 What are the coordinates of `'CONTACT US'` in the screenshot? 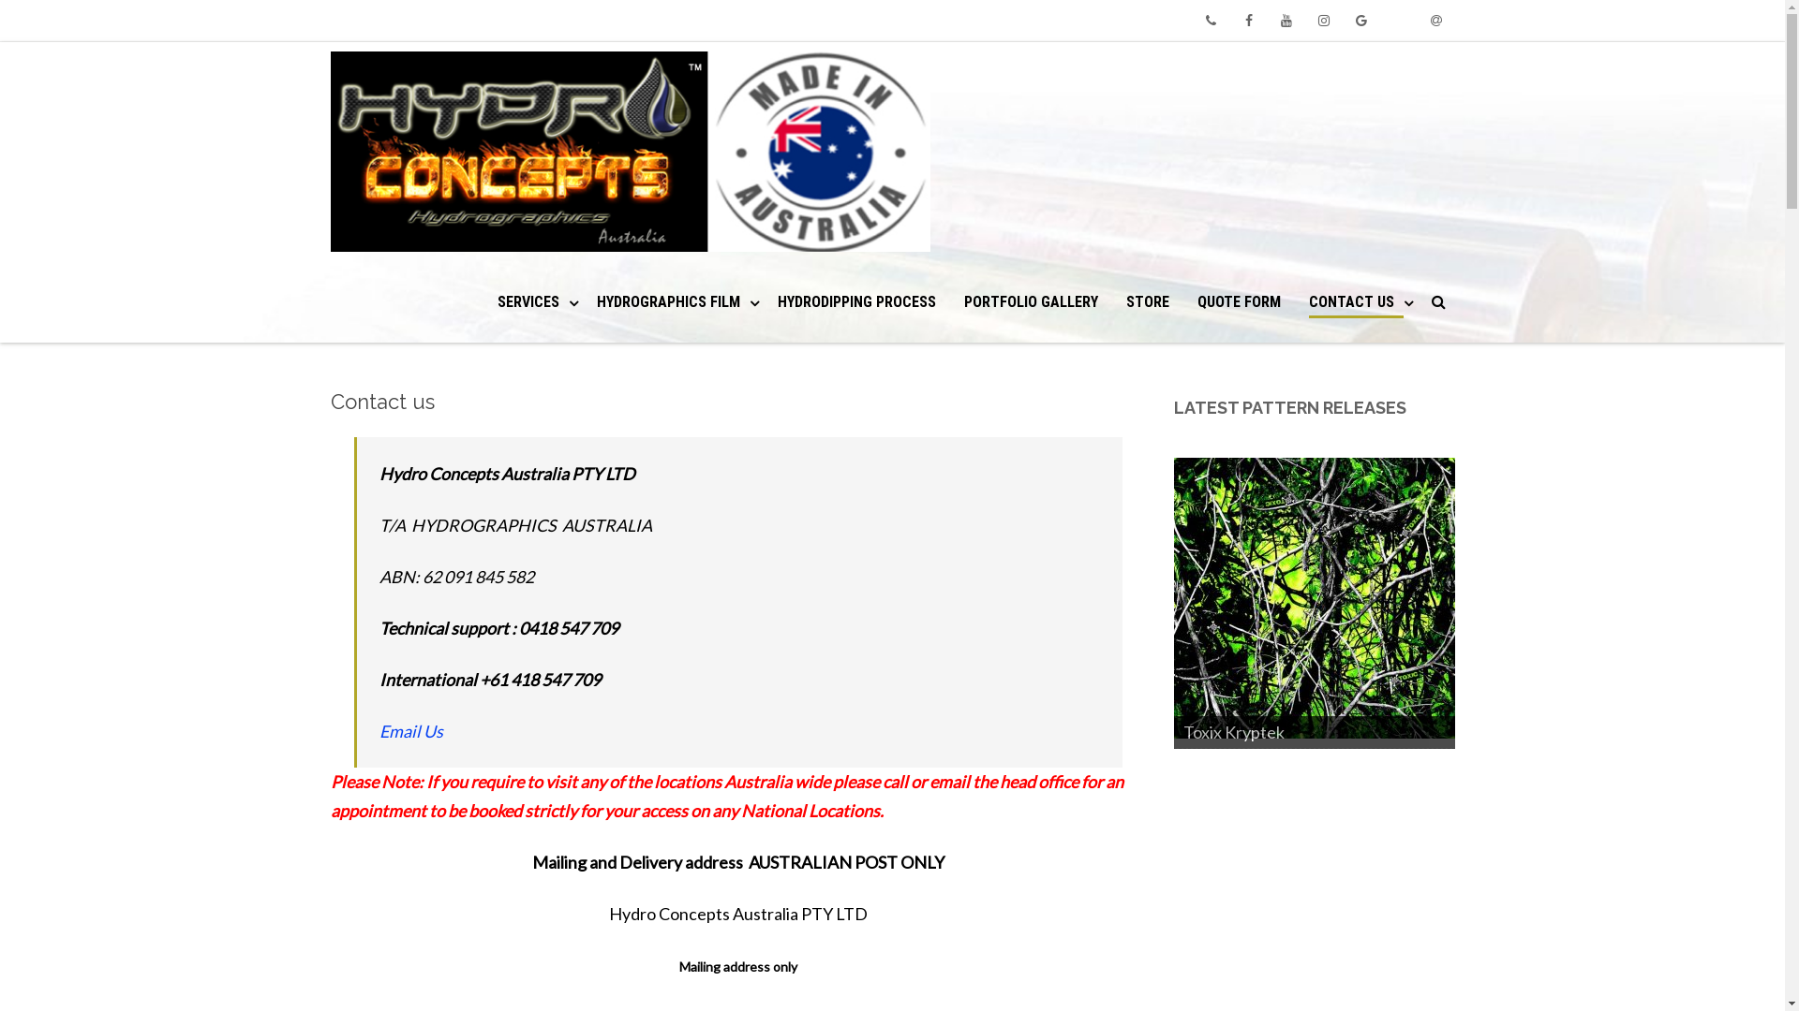 It's located at (1355, 304).